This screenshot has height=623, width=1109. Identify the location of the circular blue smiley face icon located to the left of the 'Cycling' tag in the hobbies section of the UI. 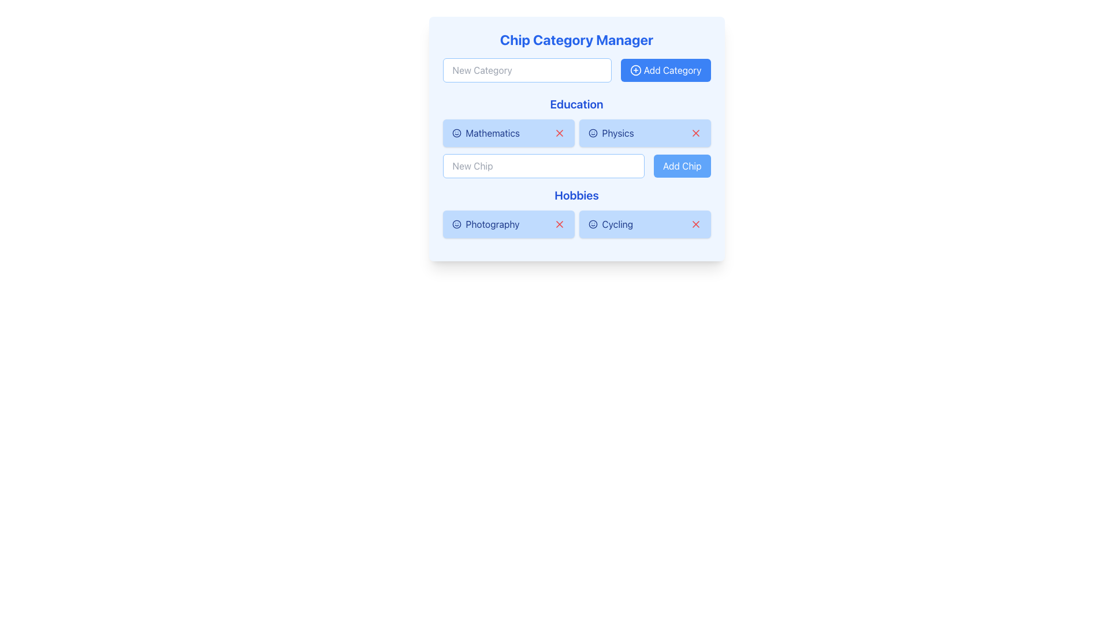
(593, 224).